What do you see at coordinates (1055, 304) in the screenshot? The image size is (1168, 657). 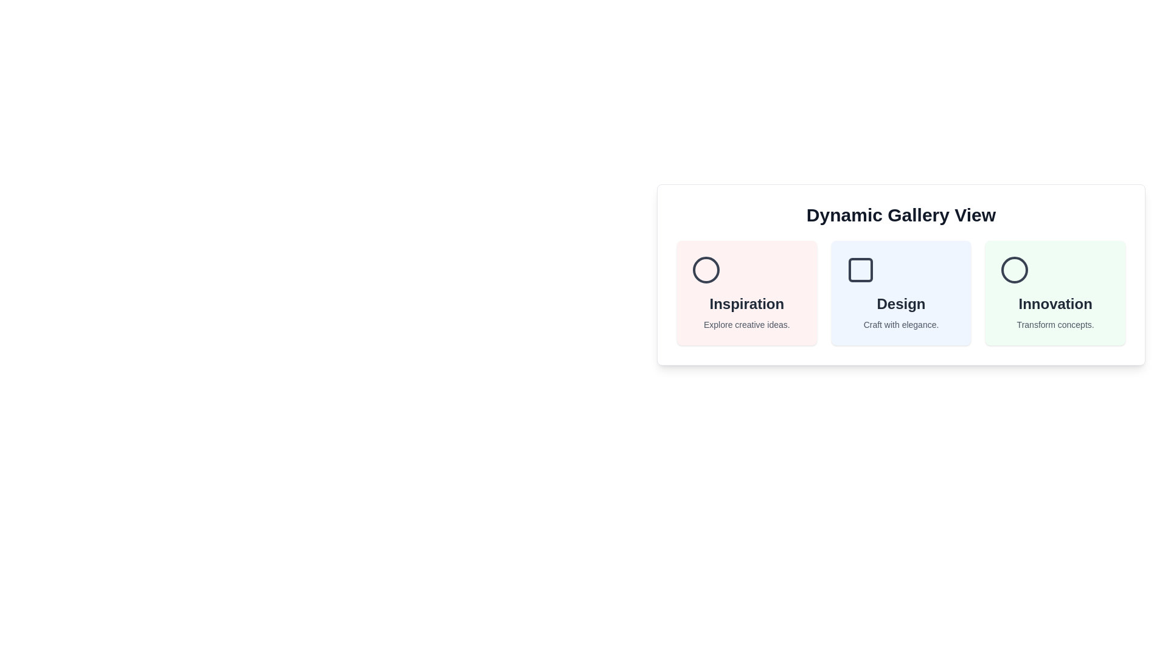 I see `the 'Innovation' heading within the green-tinted card on the right side of the three horizontally aligned cards` at bounding box center [1055, 304].